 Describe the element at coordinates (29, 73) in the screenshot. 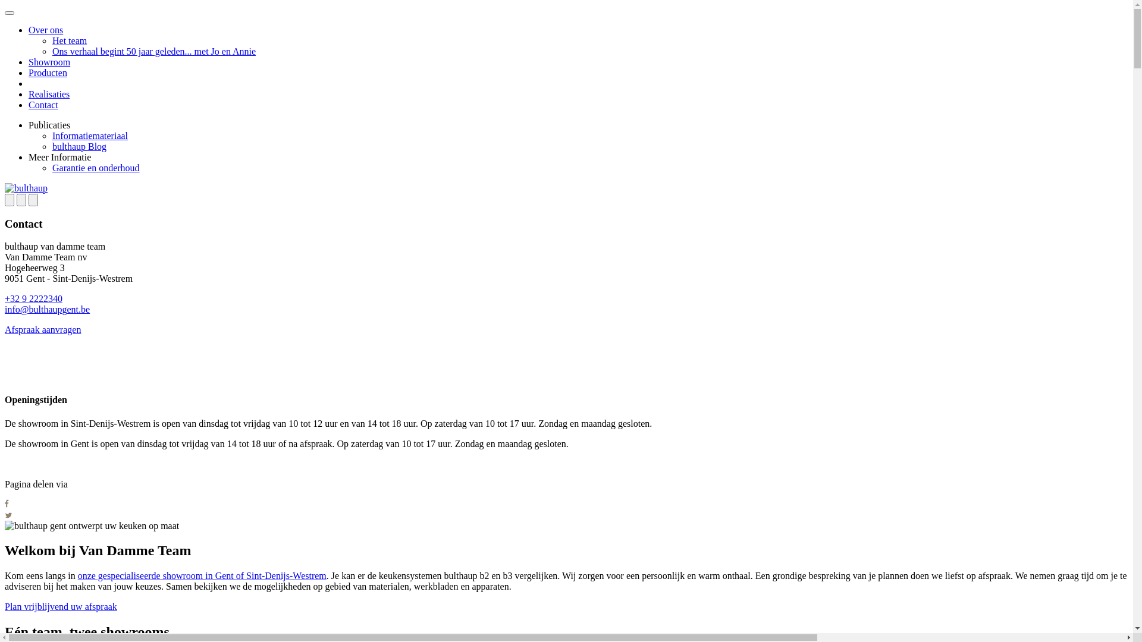

I see `'Producten'` at that location.